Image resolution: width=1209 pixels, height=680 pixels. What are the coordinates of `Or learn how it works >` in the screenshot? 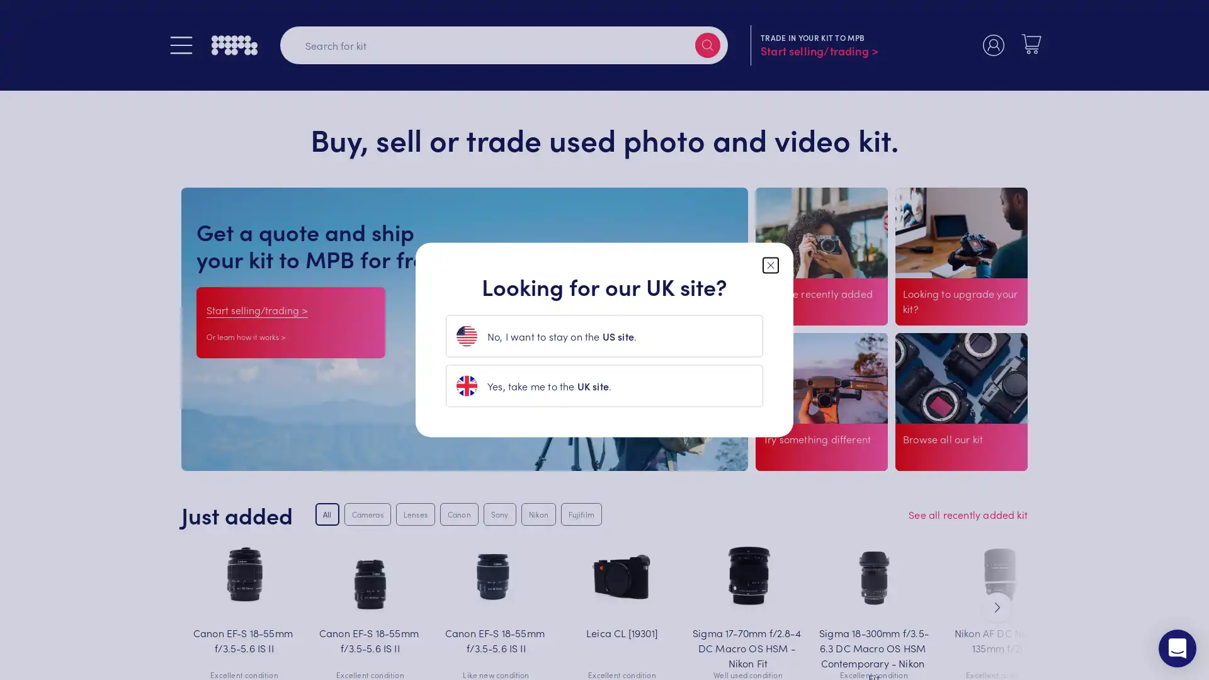 It's located at (246, 336).